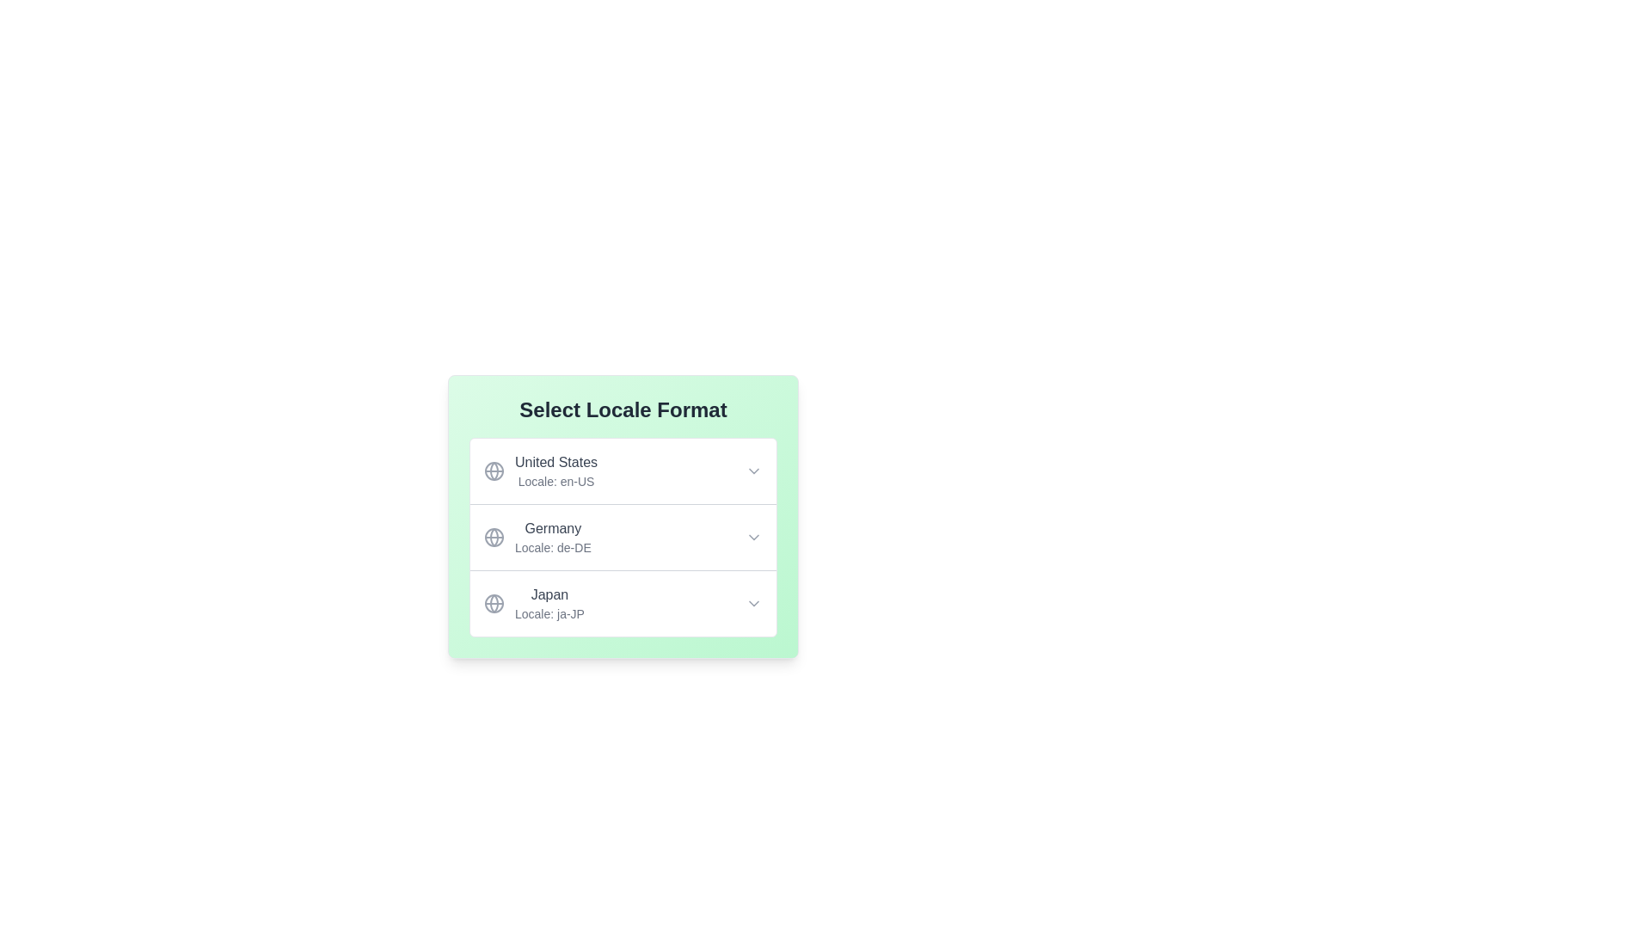 Image resolution: width=1651 pixels, height=929 pixels. What do you see at coordinates (539, 471) in the screenshot?
I see `the first interactive list item representing the United States locale with the code 'en-US'` at bounding box center [539, 471].